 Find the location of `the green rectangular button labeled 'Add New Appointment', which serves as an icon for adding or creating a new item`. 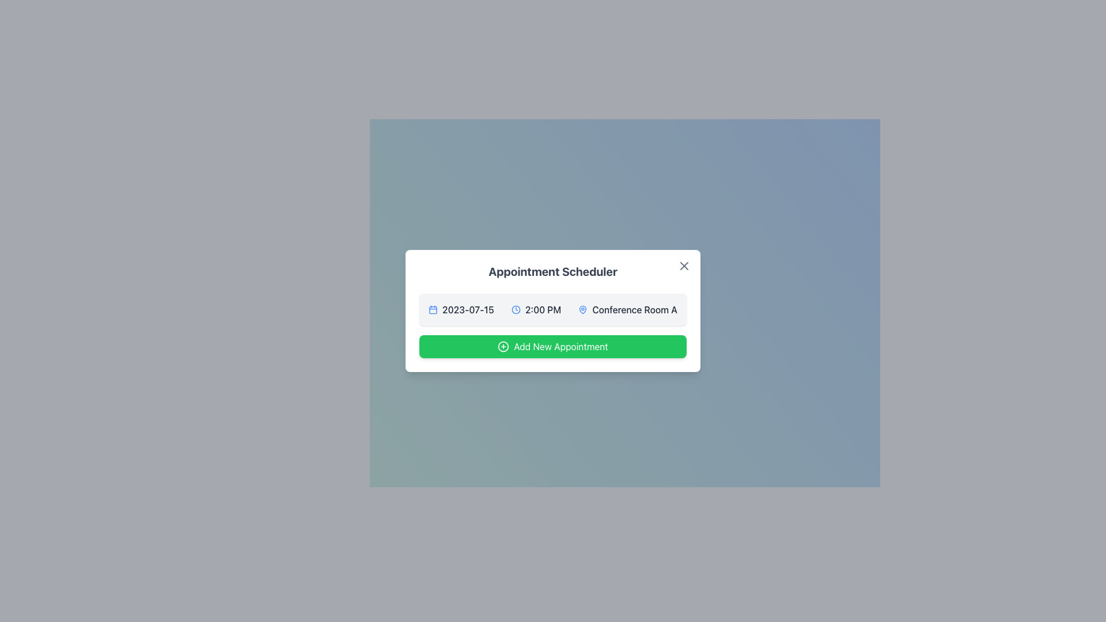

the green rectangular button labeled 'Add New Appointment', which serves as an icon for adding or creating a new item is located at coordinates (503, 346).